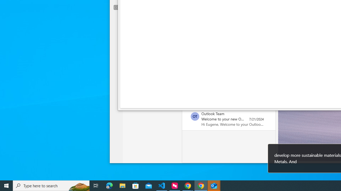  I want to click on 'Type here to search', so click(51, 185).